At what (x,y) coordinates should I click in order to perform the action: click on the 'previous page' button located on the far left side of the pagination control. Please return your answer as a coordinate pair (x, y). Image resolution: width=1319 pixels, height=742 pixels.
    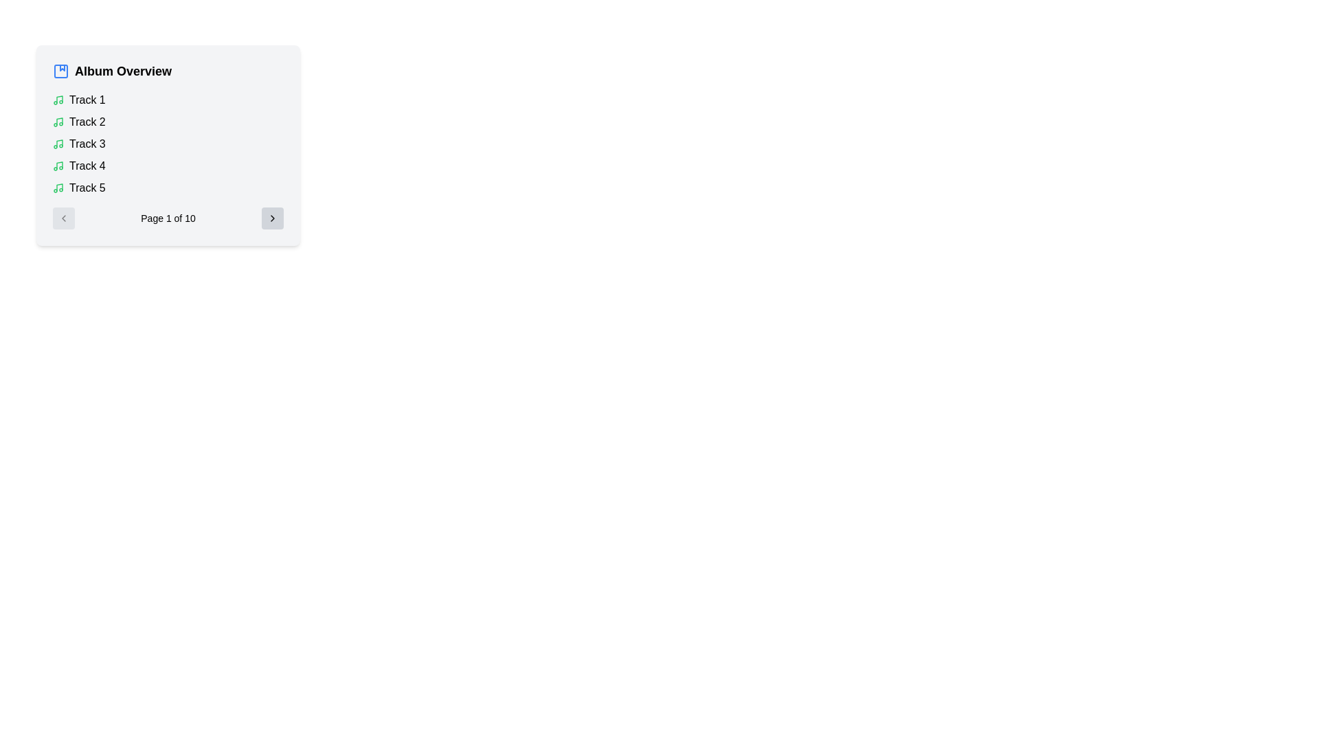
    Looking at the image, I should click on (63, 217).